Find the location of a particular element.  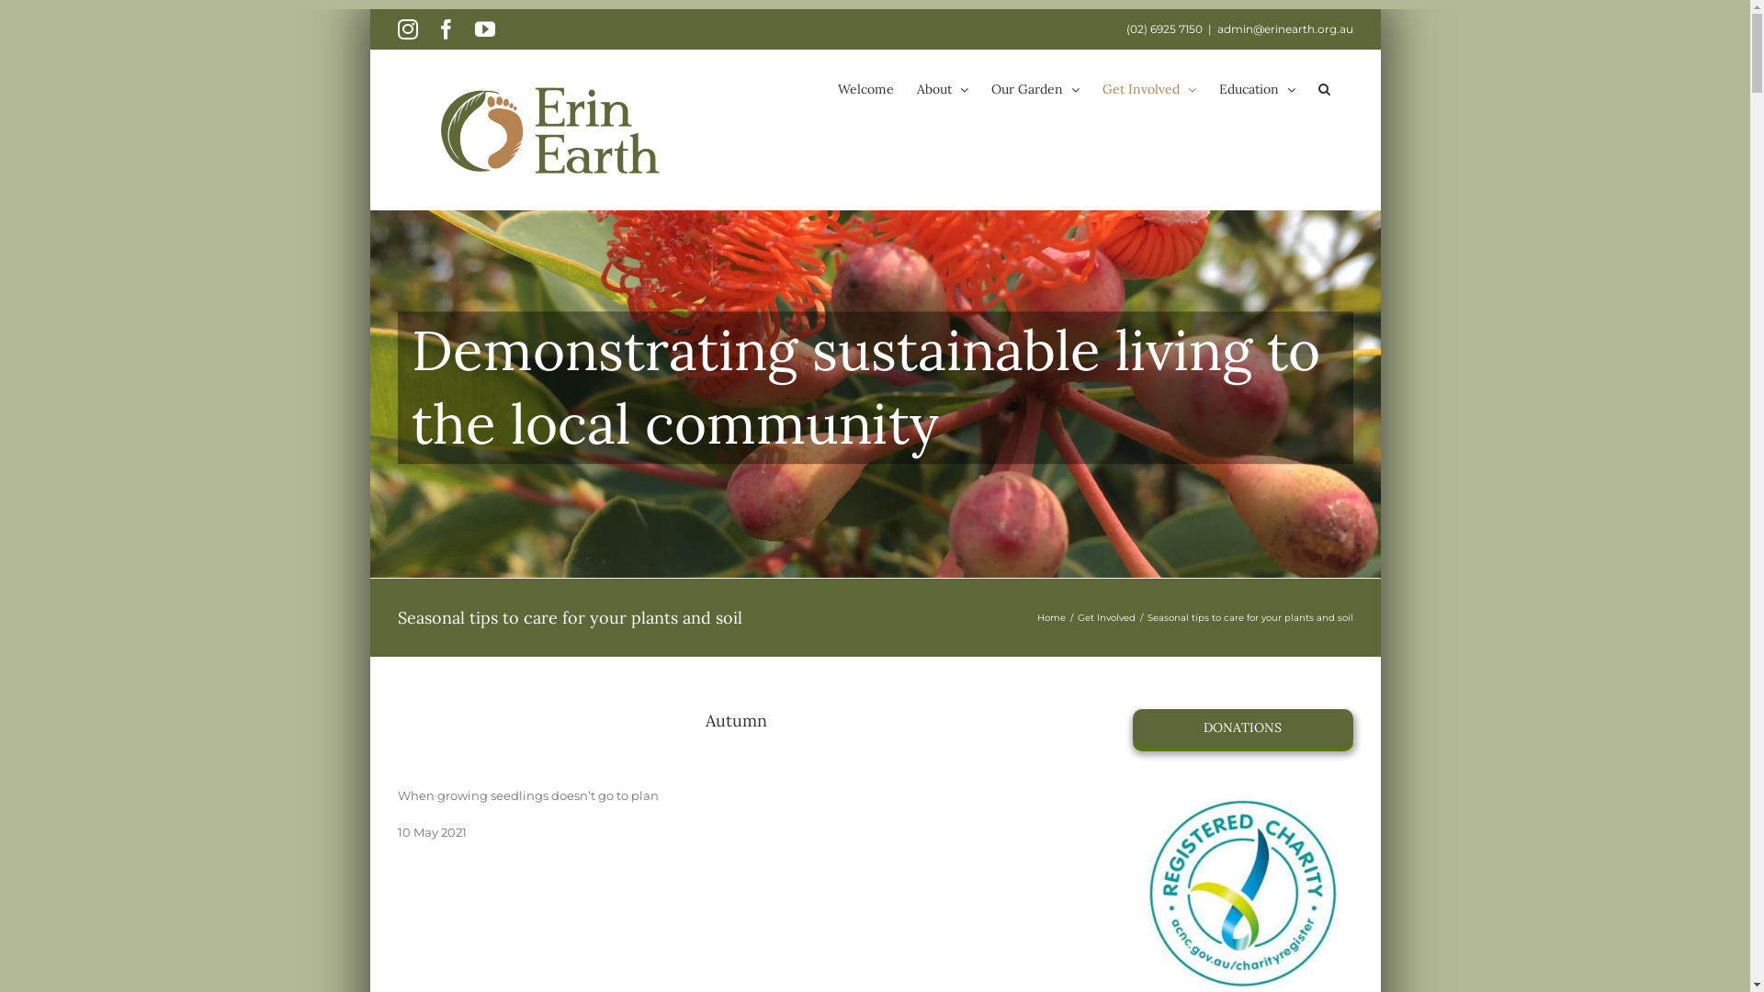

'YouTube' is located at coordinates (484, 28).